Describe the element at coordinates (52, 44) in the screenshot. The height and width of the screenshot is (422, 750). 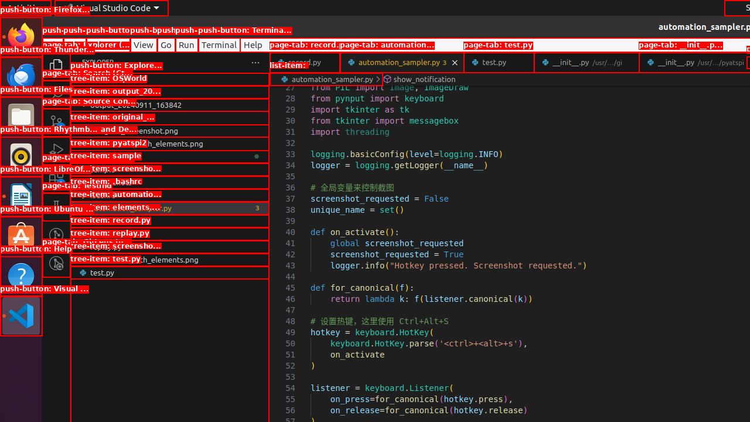
I see `'File'` at that location.